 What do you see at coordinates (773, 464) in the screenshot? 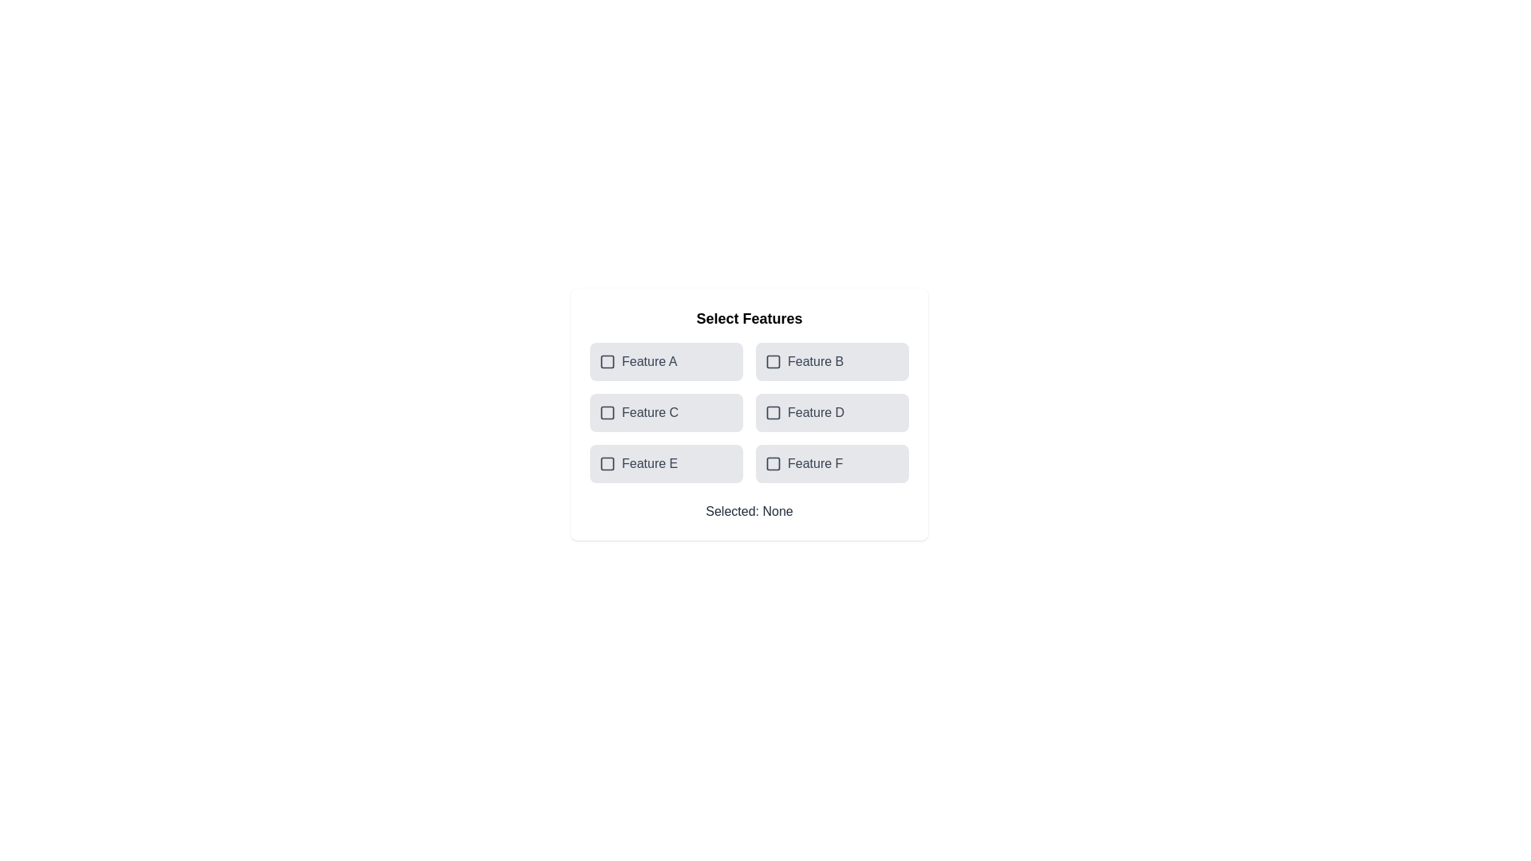
I see `the checkbox located to the left of the text label 'Feature F'` at bounding box center [773, 464].